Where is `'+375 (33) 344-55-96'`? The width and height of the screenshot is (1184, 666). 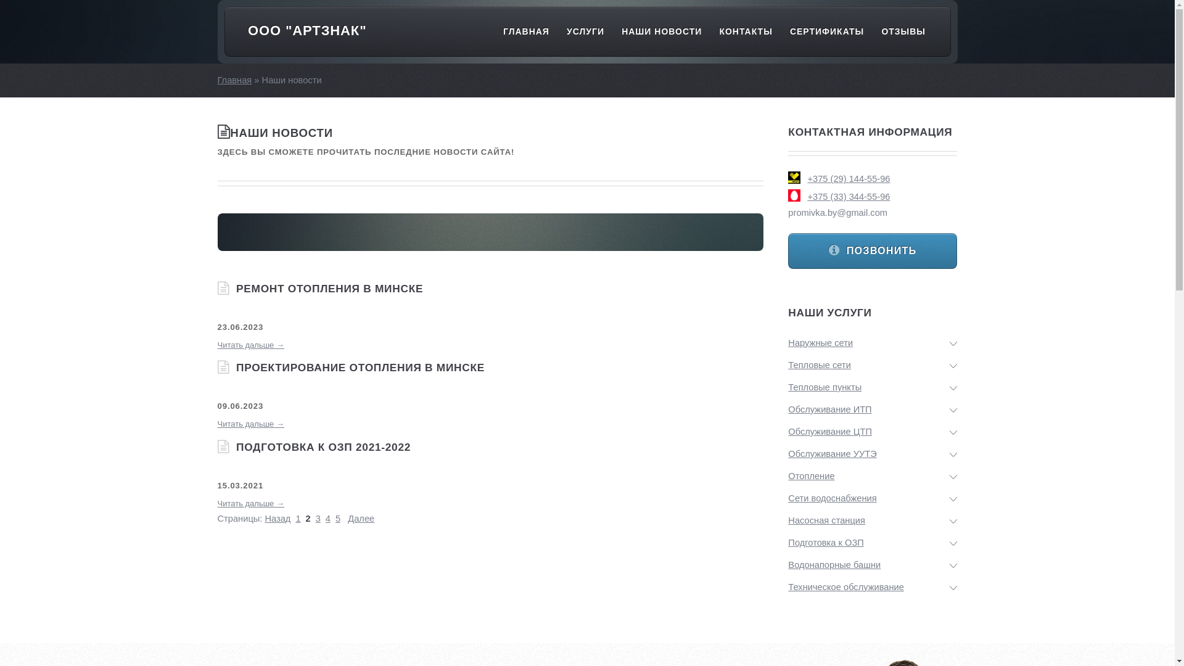
'+375 (33) 344-55-96' is located at coordinates (848, 196).